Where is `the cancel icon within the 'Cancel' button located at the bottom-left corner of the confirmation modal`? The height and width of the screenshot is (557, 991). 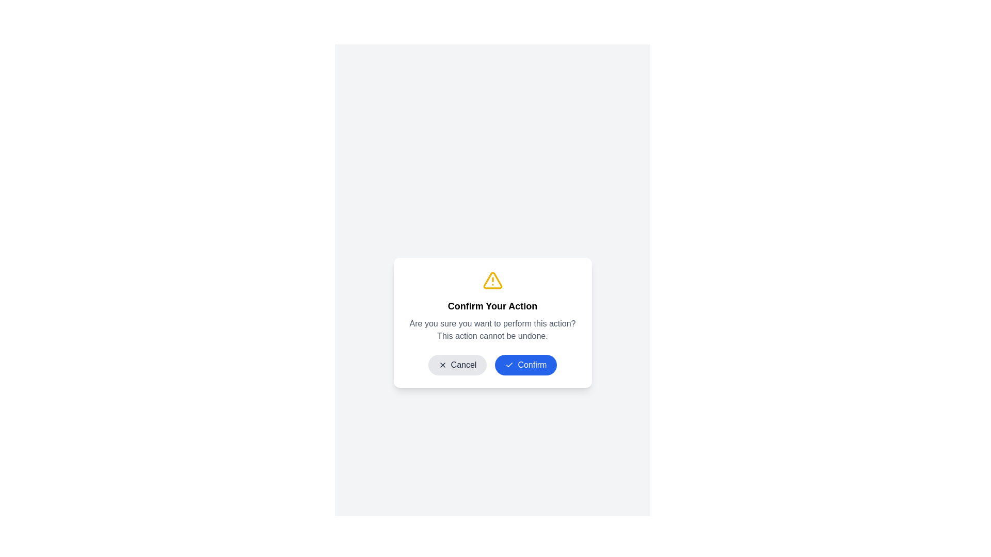
the cancel icon within the 'Cancel' button located at the bottom-left corner of the confirmation modal is located at coordinates (442, 365).